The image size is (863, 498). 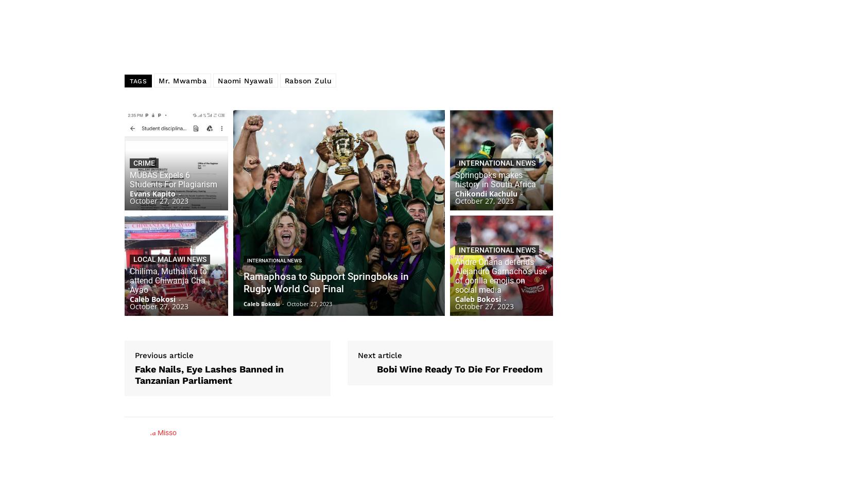 I want to click on 'Rabson Zulu', so click(x=307, y=80).